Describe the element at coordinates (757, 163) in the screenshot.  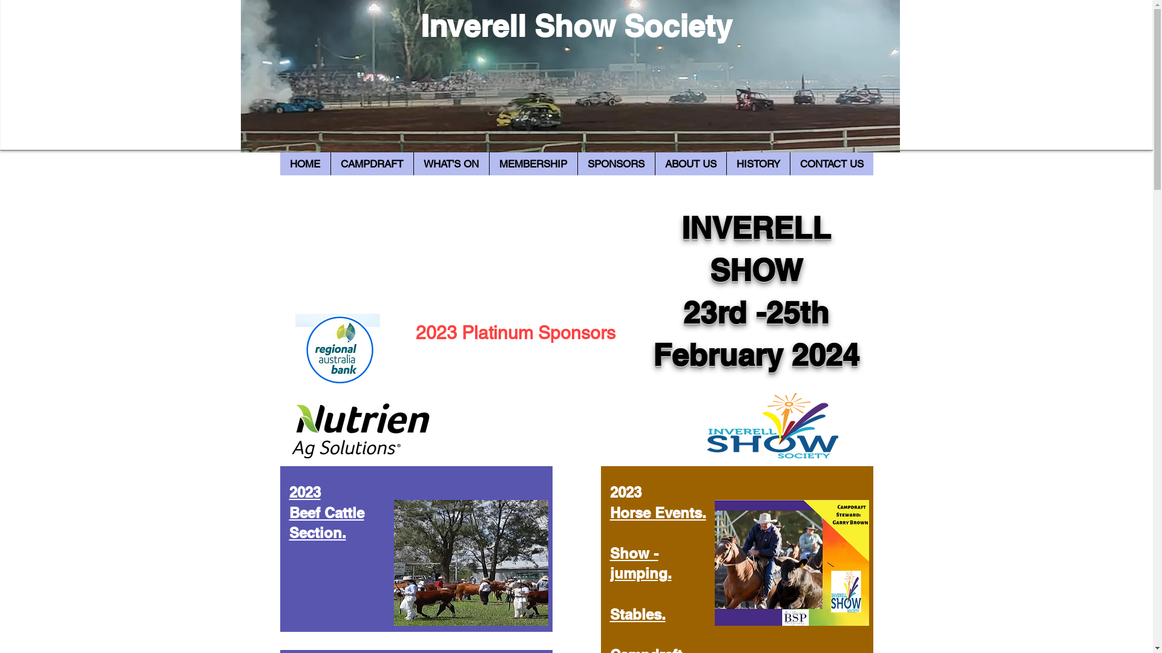
I see `'HISTORY'` at that location.